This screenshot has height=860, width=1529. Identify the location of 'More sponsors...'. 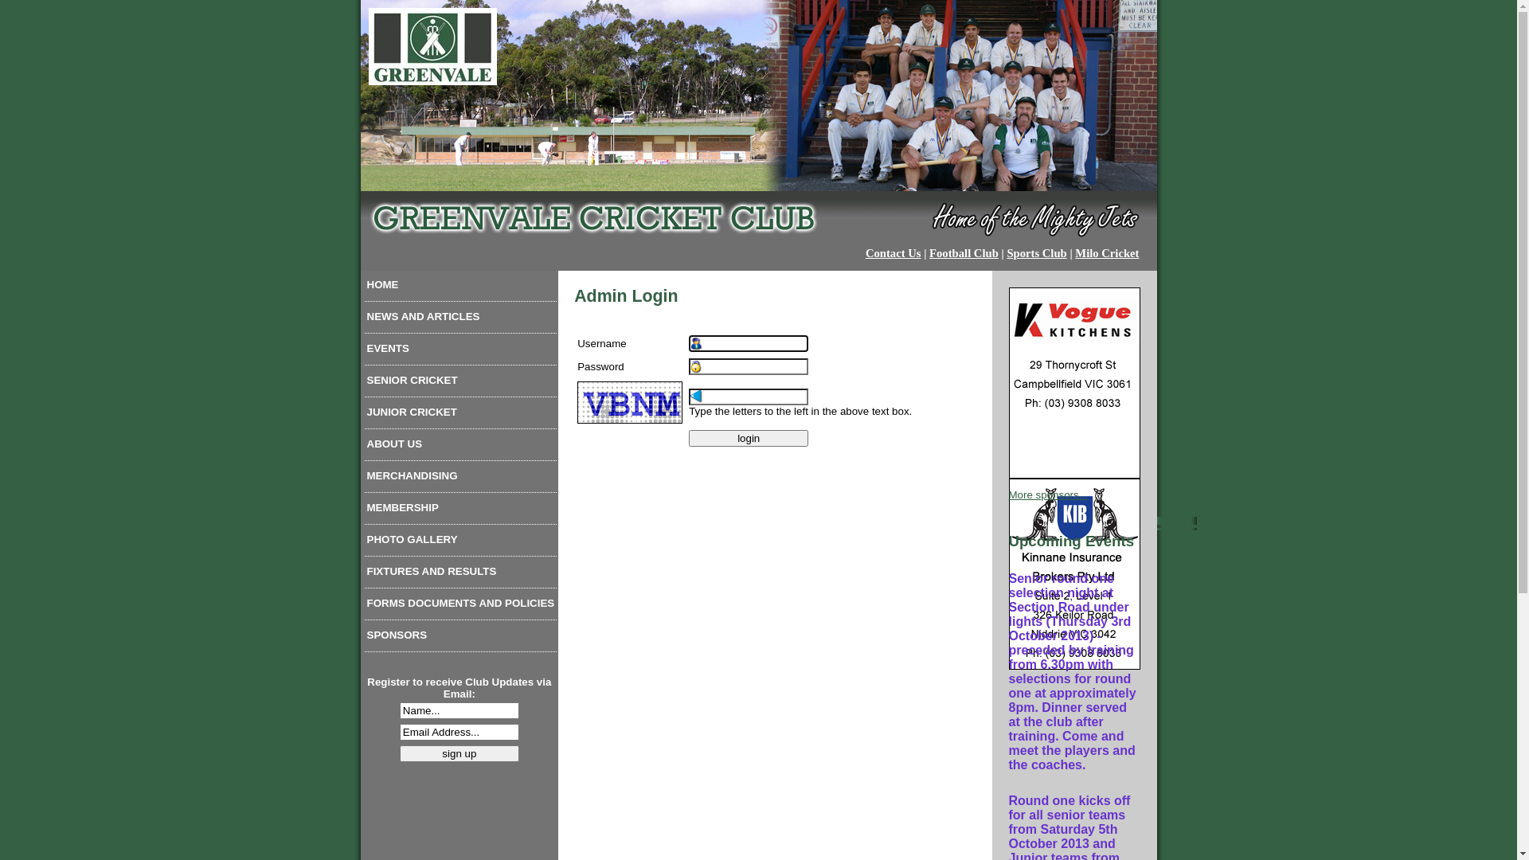
(1047, 494).